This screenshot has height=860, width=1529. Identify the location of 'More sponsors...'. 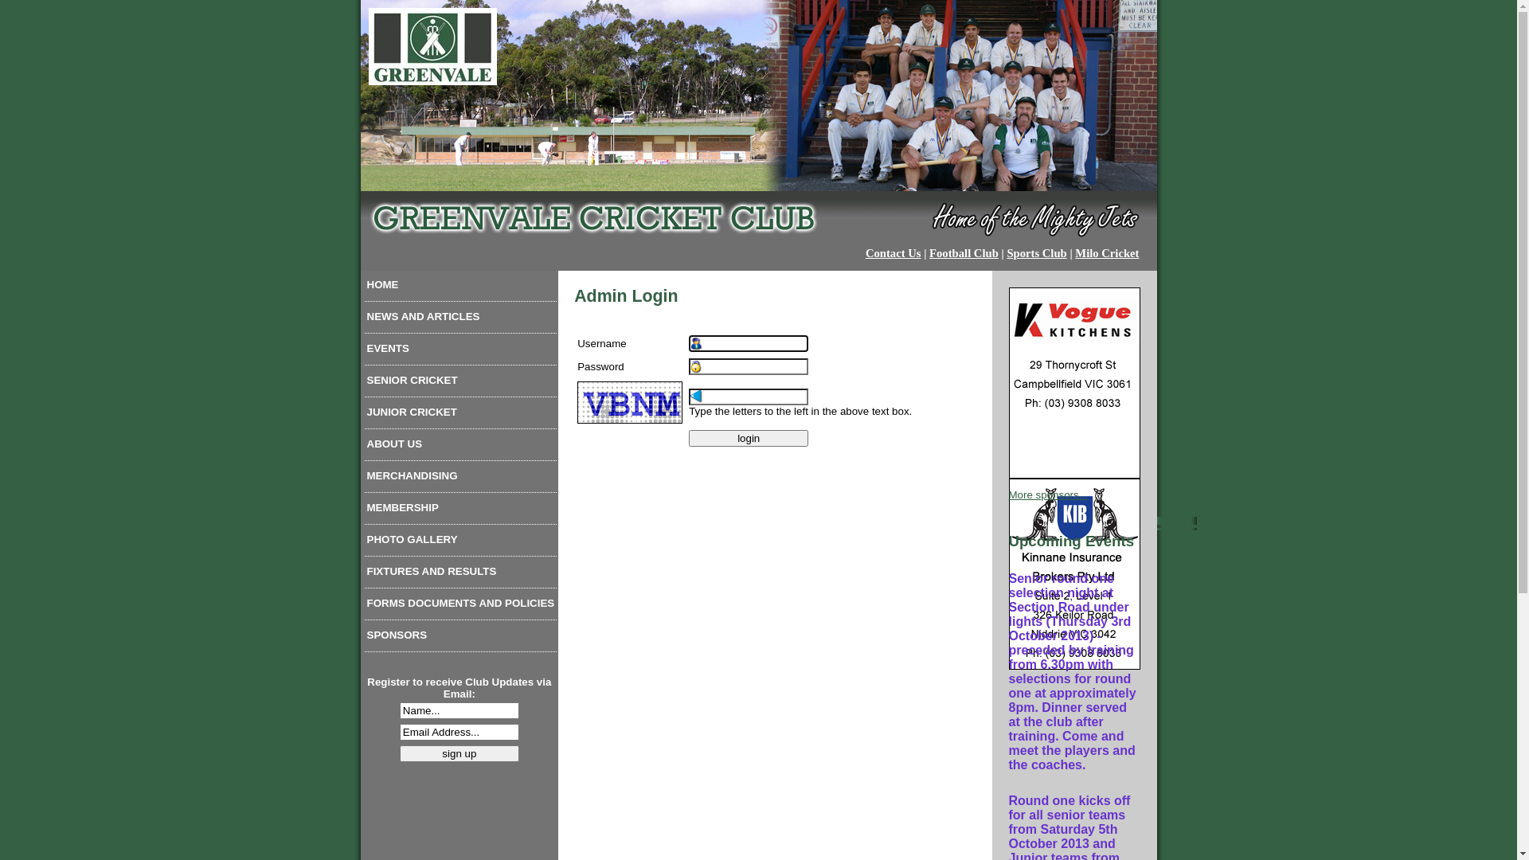
(1047, 494).